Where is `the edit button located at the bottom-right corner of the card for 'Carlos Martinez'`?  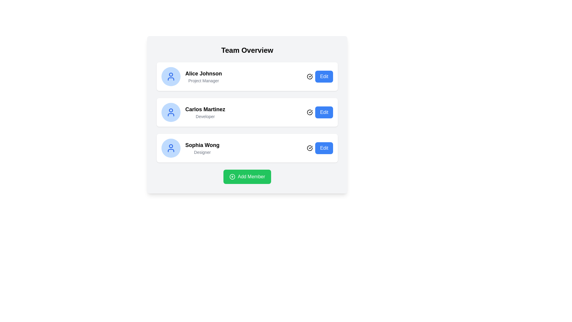 the edit button located at the bottom-right corner of the card for 'Carlos Martinez' is located at coordinates (320, 112).